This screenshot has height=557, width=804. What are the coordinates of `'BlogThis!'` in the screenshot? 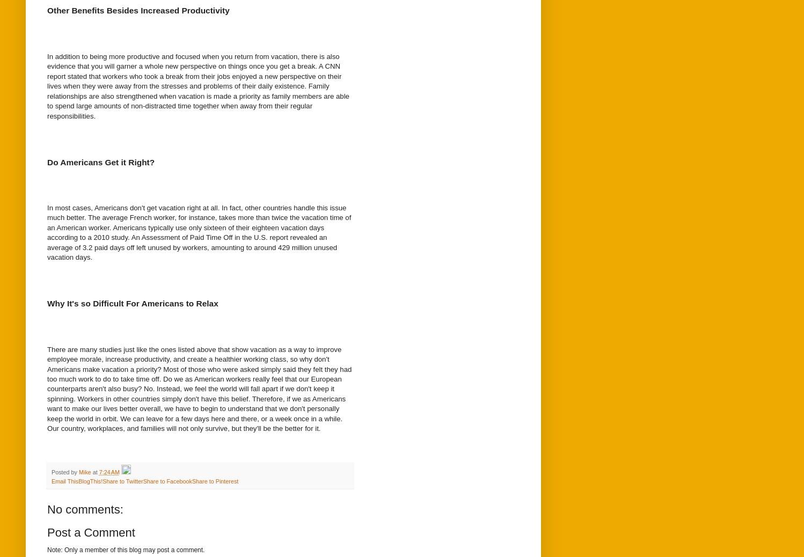 It's located at (90, 481).